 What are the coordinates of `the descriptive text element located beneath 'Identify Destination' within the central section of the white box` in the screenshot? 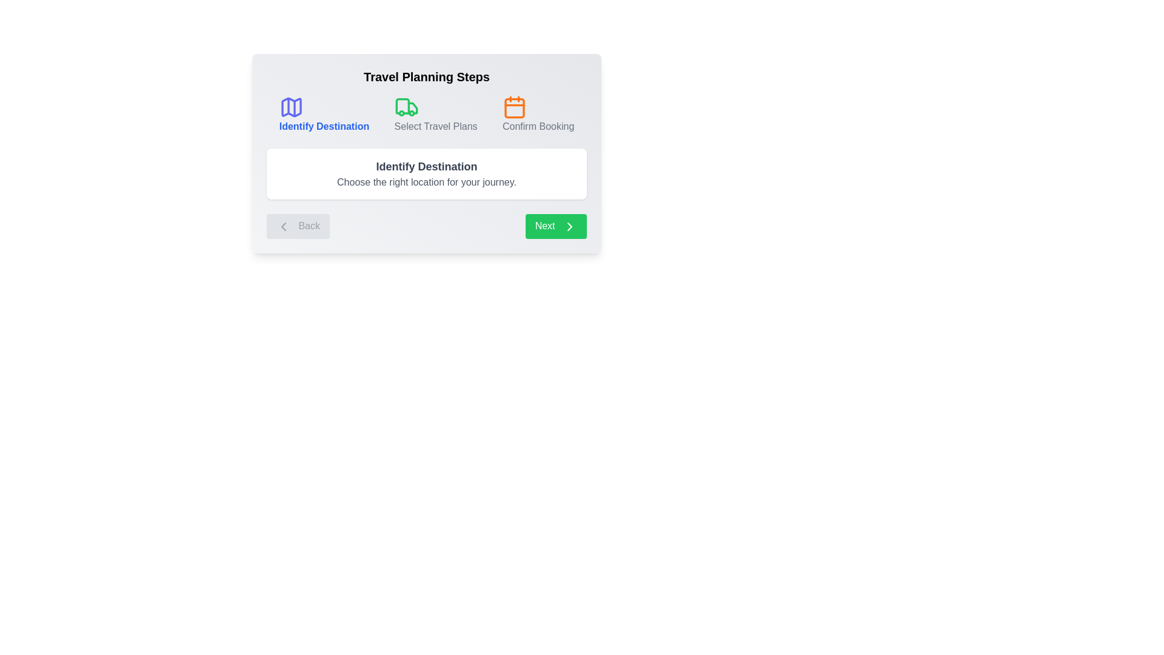 It's located at (427, 182).